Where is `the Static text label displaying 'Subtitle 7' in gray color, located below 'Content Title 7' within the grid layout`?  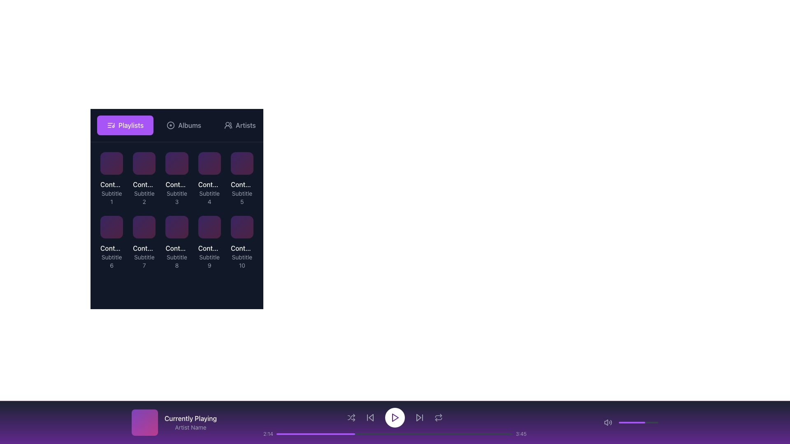
the Static text label displaying 'Subtitle 7' in gray color, located below 'Content Title 7' within the grid layout is located at coordinates (144, 261).